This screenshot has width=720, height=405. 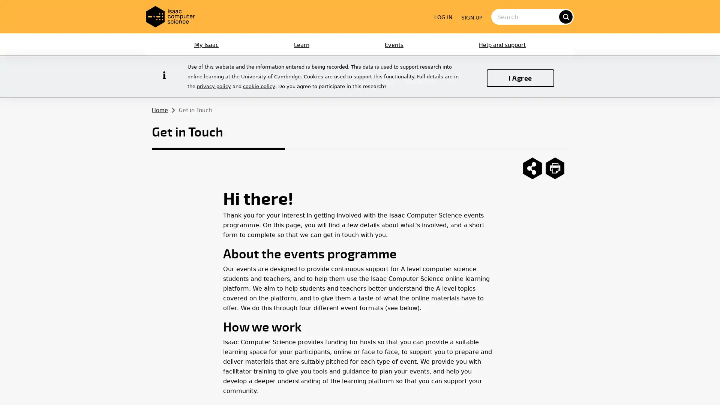 I want to click on Get share link, so click(x=532, y=167).